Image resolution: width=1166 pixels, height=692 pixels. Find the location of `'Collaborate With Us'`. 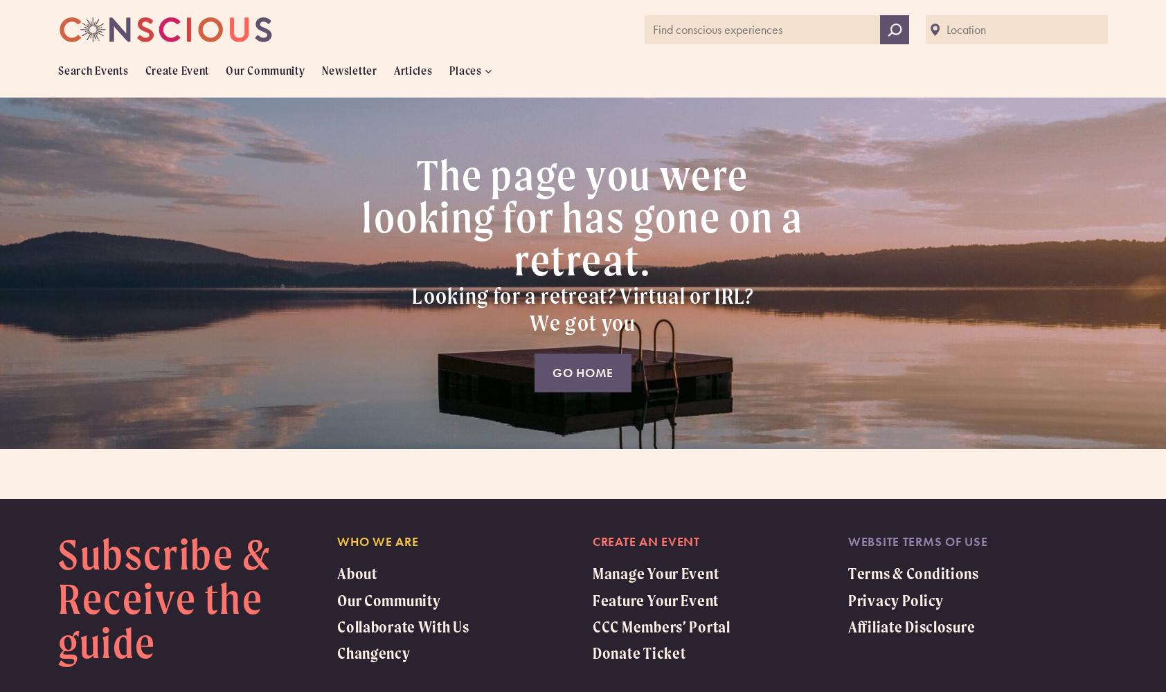

'Collaborate With Us' is located at coordinates (402, 626).